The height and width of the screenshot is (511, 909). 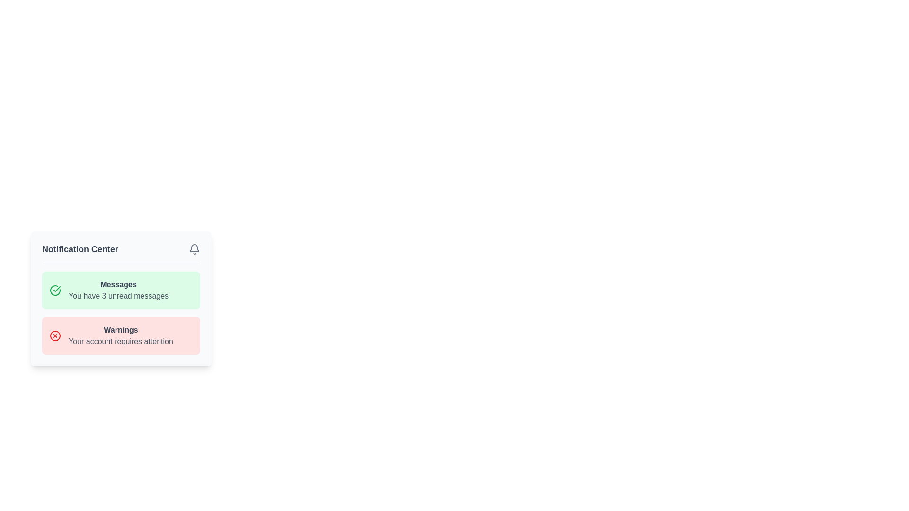 What do you see at coordinates (54, 335) in the screenshot?
I see `the alert icon located on the left-hand side of the 'Warnings' card in the notification center to signify the presence of an issue or required attention` at bounding box center [54, 335].